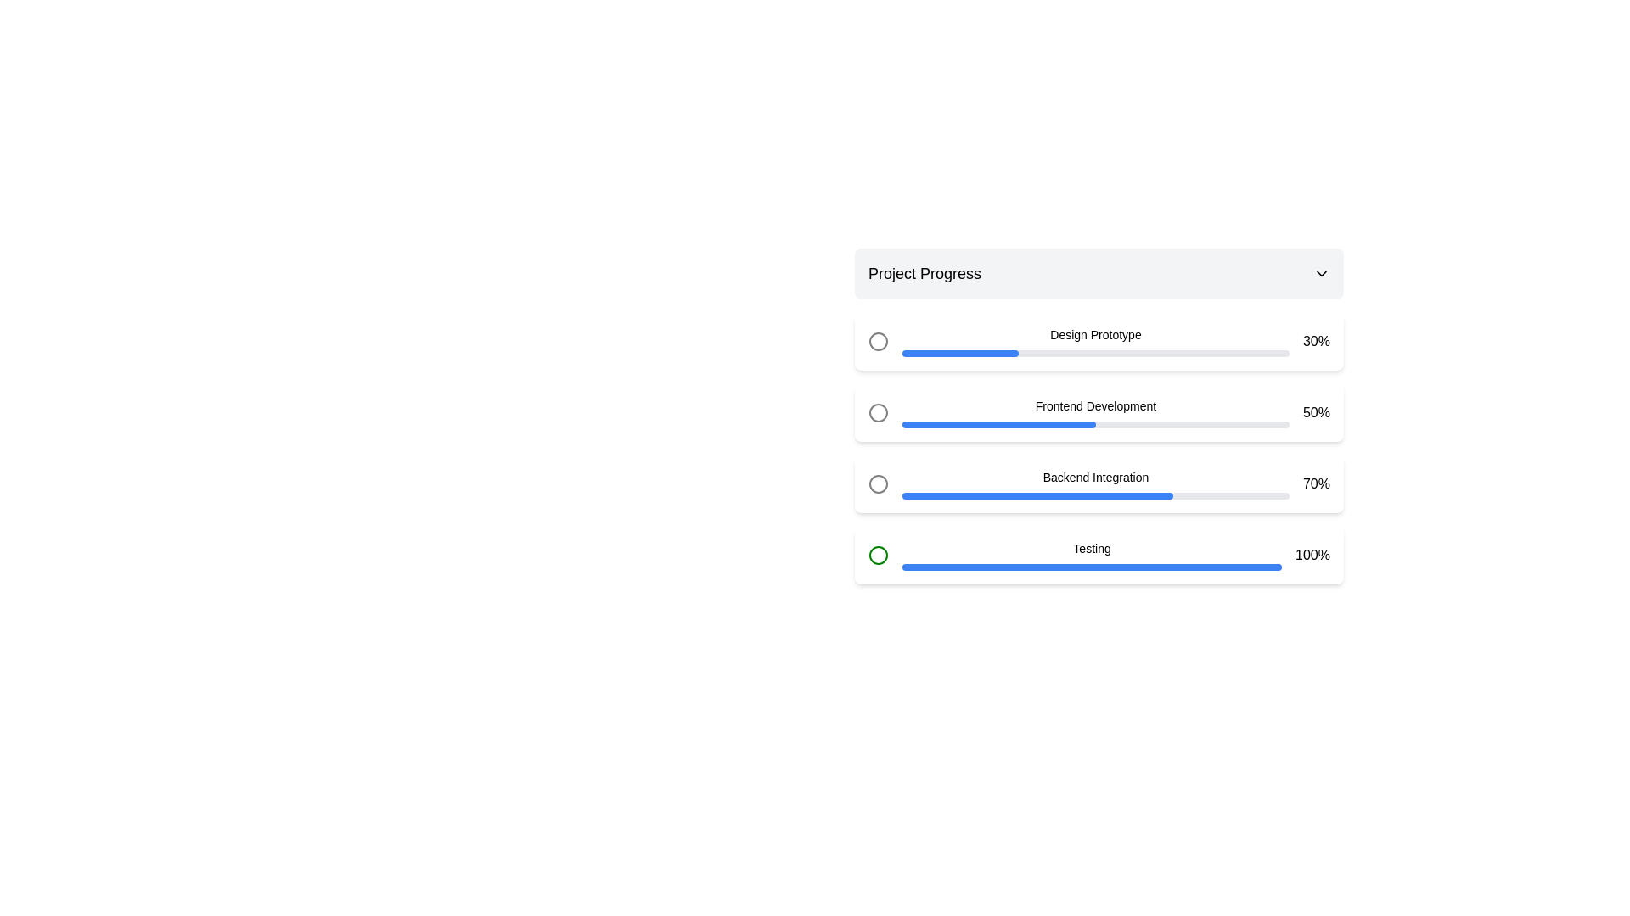 This screenshot has width=1630, height=916. I want to click on the unselected circle graphic component with a light gray stroke, located next to the 'Frontend Development' label in the progress indicator box, so click(879, 412).